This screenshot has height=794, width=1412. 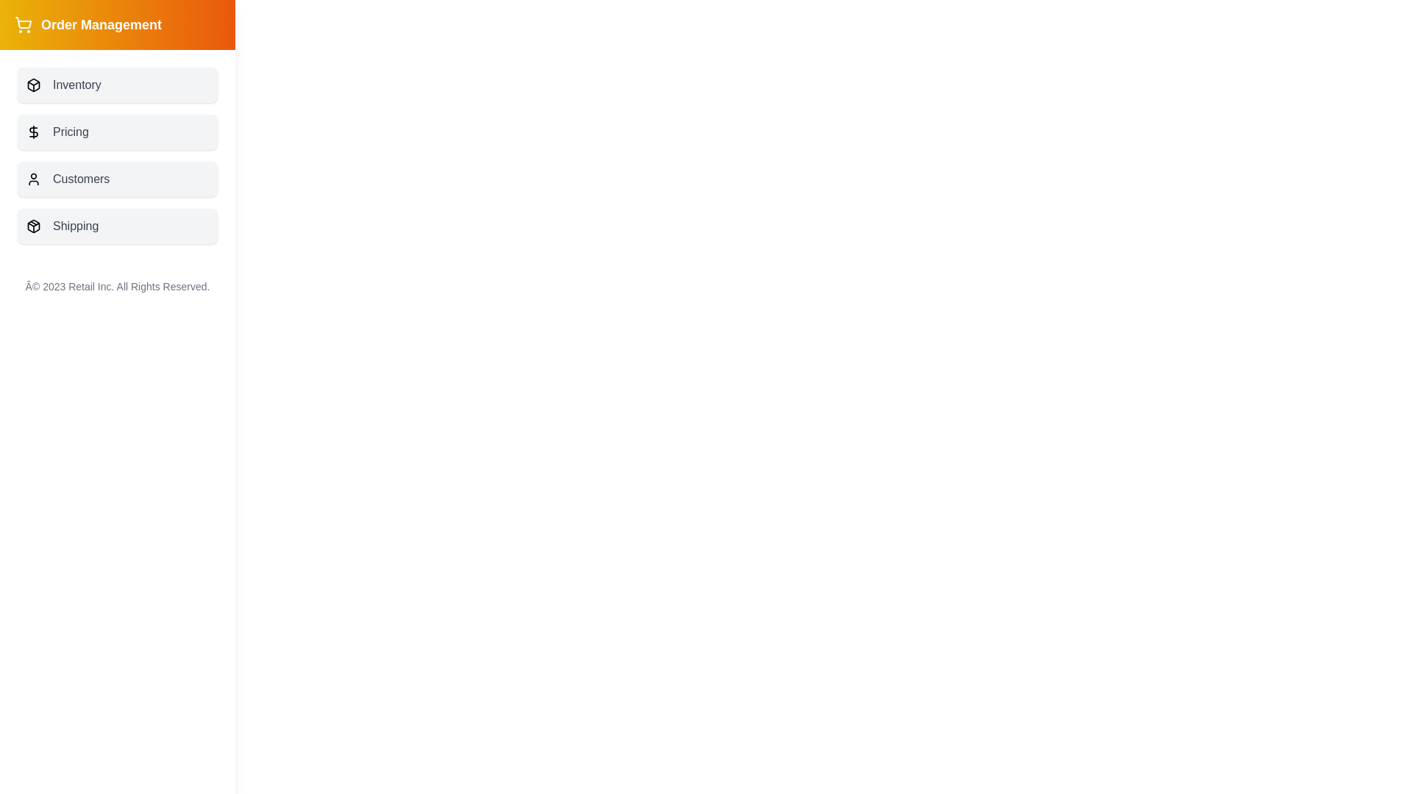 I want to click on the button labeled 'Inventory' to observe visual feedback, so click(x=116, y=85).